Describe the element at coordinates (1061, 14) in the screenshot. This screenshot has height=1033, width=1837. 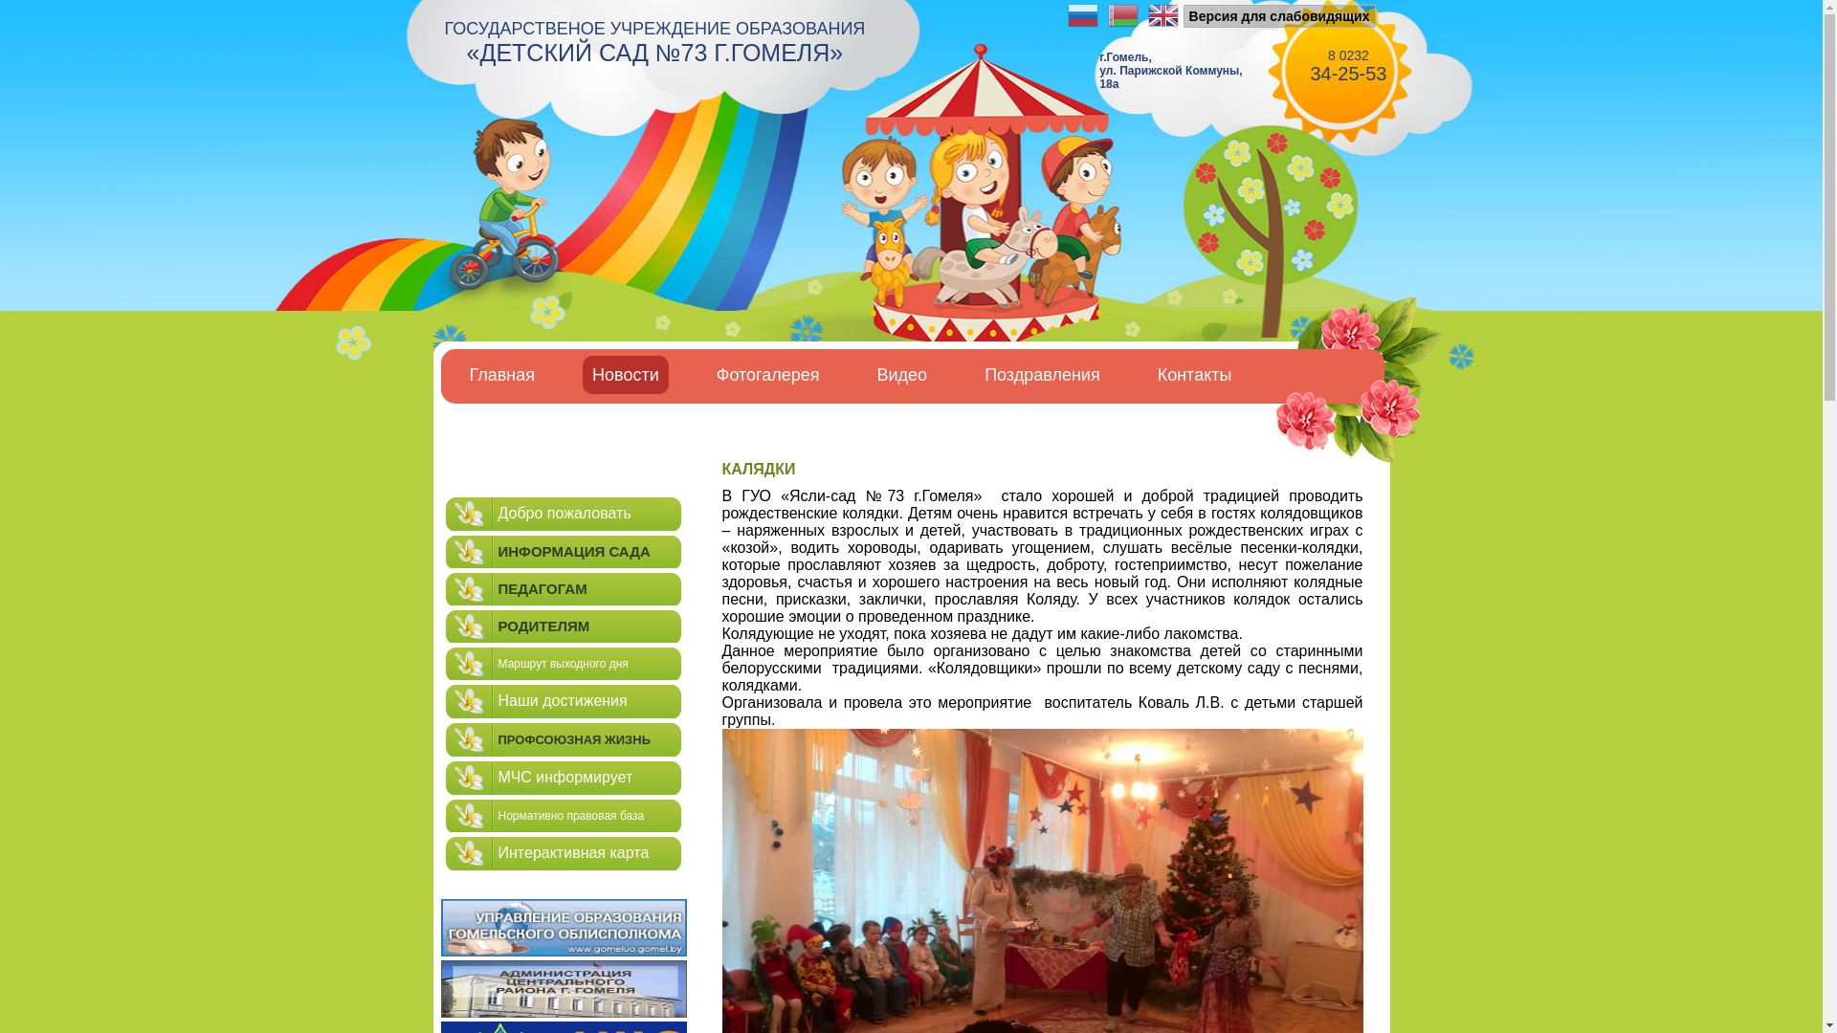
I see `'Russian'` at that location.